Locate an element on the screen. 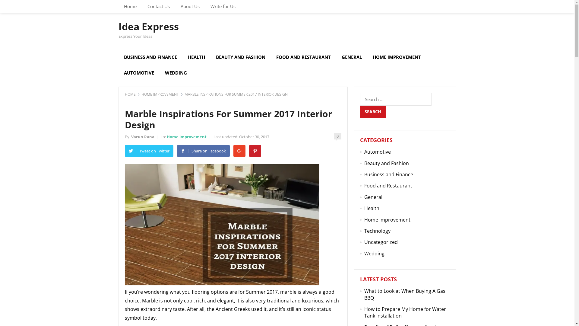 This screenshot has height=326, width=579. 'BUSINESS AND FINANCE' is located at coordinates (150, 57).